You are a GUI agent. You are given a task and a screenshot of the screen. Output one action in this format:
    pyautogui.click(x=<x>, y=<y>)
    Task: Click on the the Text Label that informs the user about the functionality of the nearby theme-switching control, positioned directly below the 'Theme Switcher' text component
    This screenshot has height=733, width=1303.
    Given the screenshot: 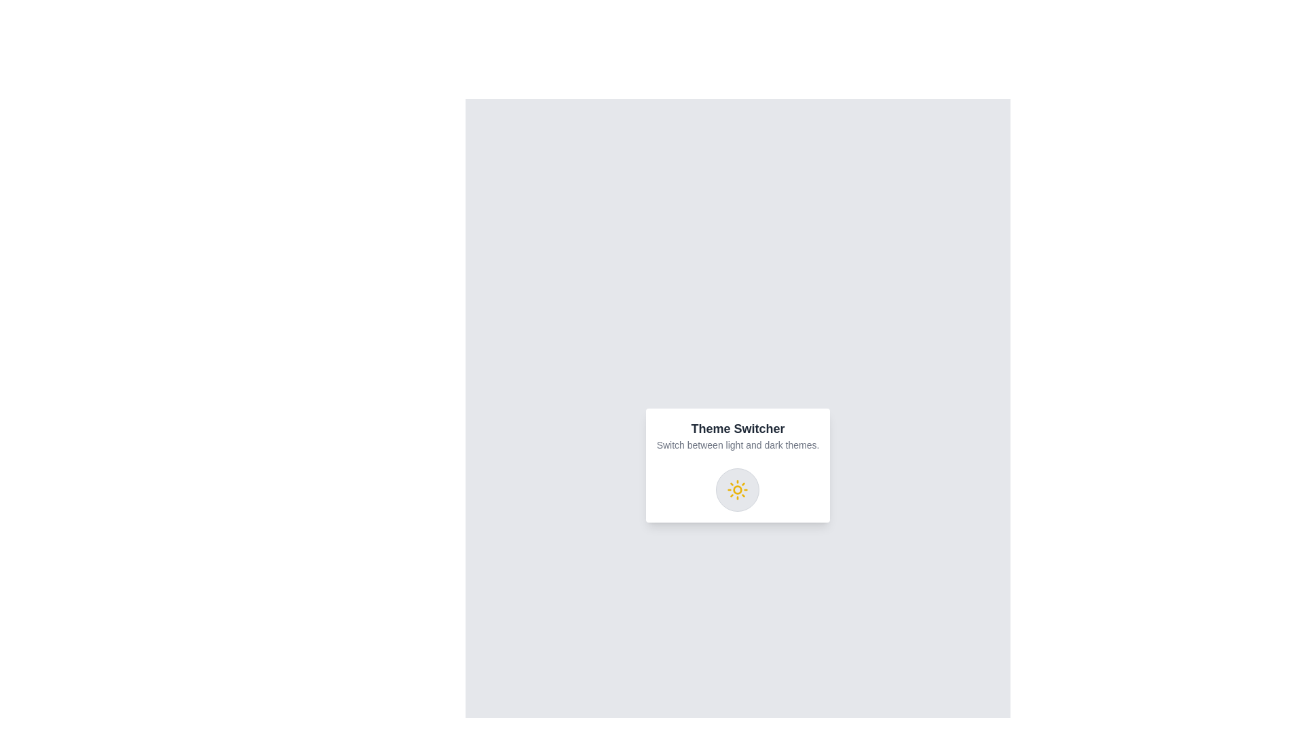 What is the action you would take?
    pyautogui.click(x=737, y=445)
    